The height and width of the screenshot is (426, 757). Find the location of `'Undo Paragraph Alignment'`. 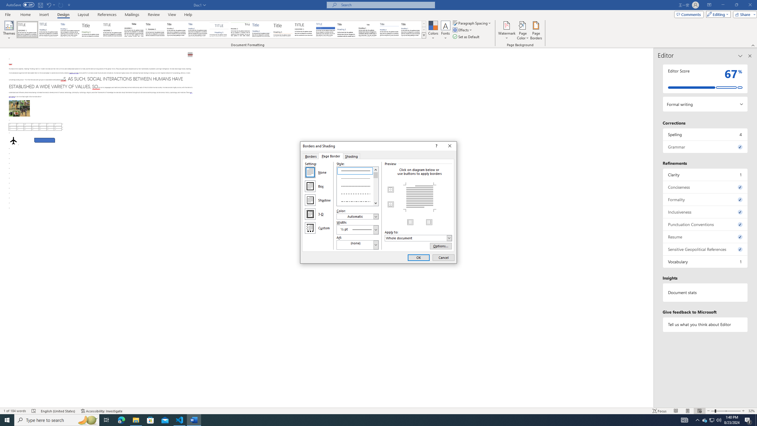

'Undo Paragraph Alignment' is located at coordinates (50, 4).